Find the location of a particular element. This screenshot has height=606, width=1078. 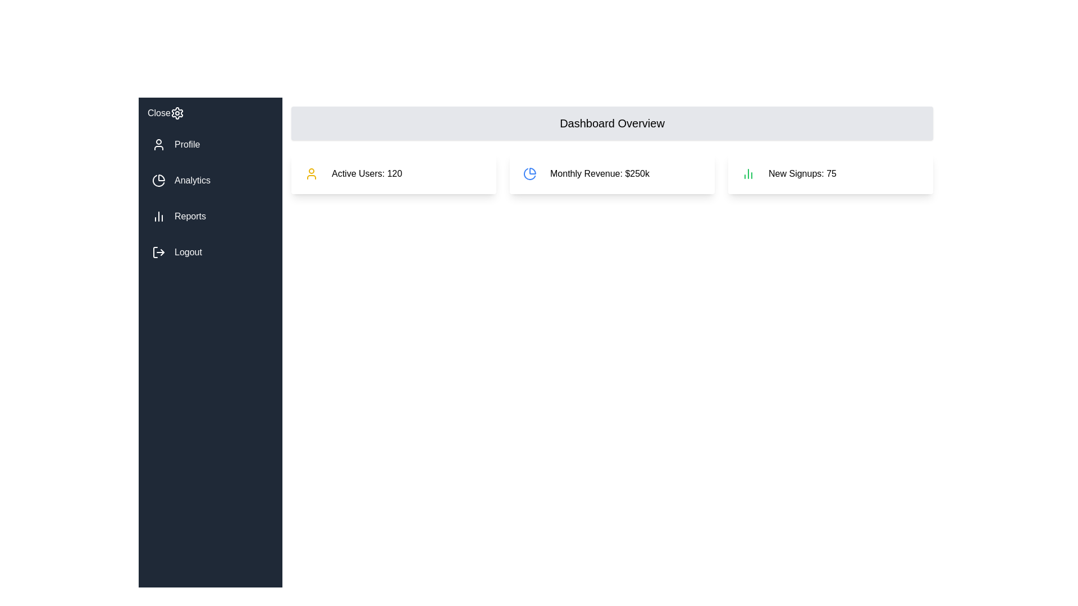

the second slice of the pie chart graphical icon, which is styled with blue tones and located in the second row's second card of the dashboard is located at coordinates (529, 174).